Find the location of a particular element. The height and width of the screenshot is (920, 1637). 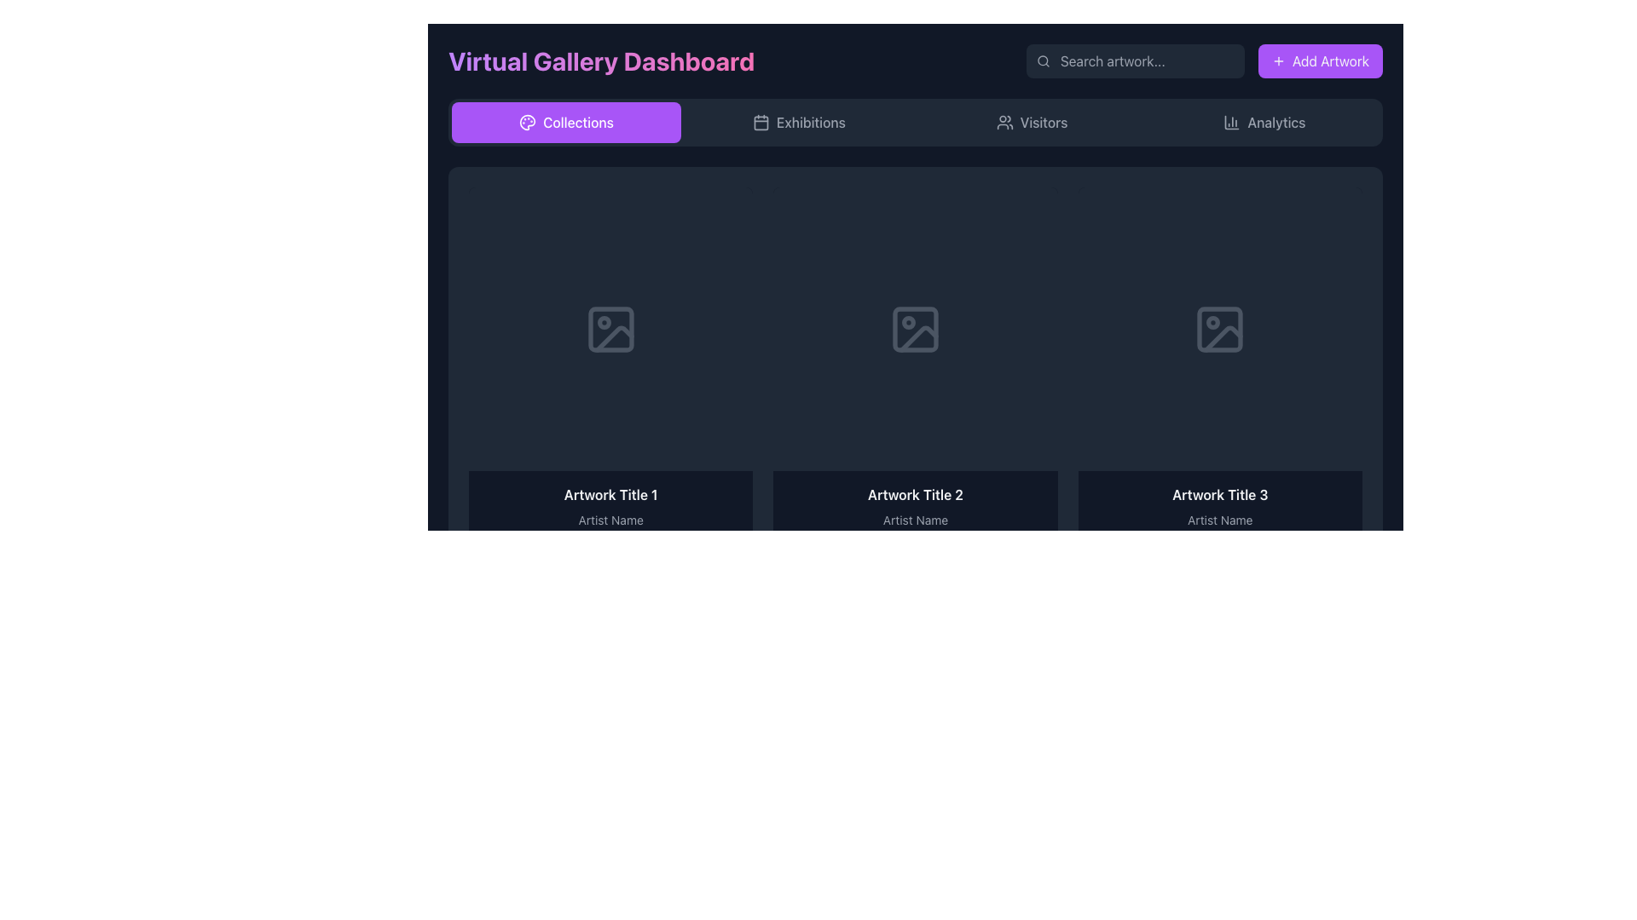

the button in the third column of the topmost row of the grid layout that serves is located at coordinates (1197, 329).